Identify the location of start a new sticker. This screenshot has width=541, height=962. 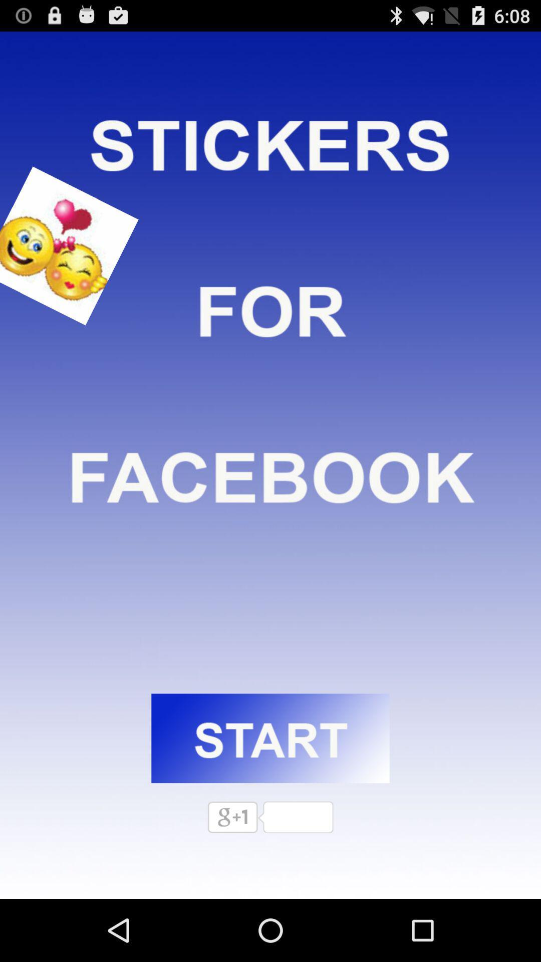
(270, 738).